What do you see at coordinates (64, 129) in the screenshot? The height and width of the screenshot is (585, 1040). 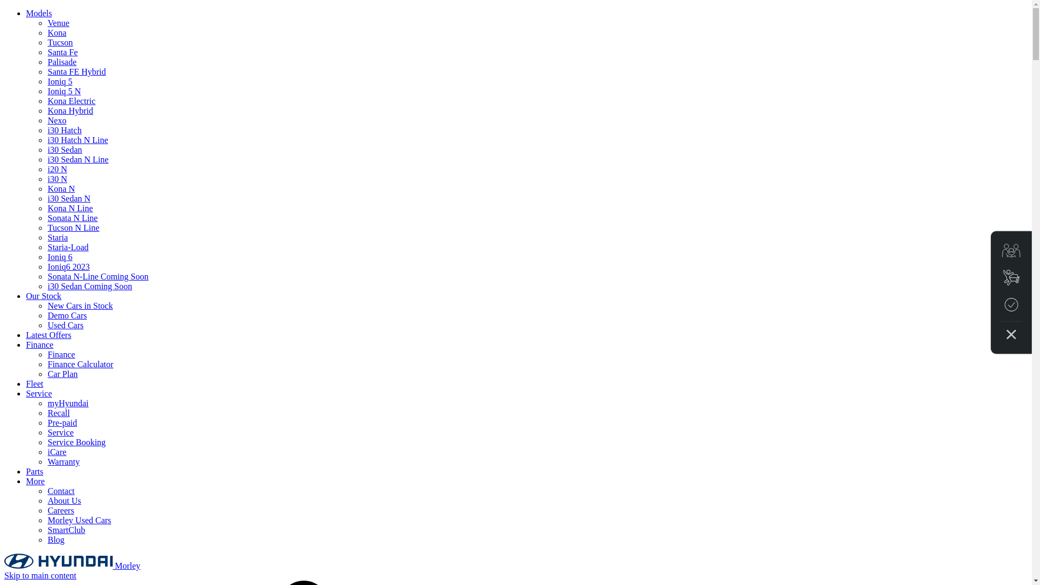 I see `'i30 Hatch'` at bounding box center [64, 129].